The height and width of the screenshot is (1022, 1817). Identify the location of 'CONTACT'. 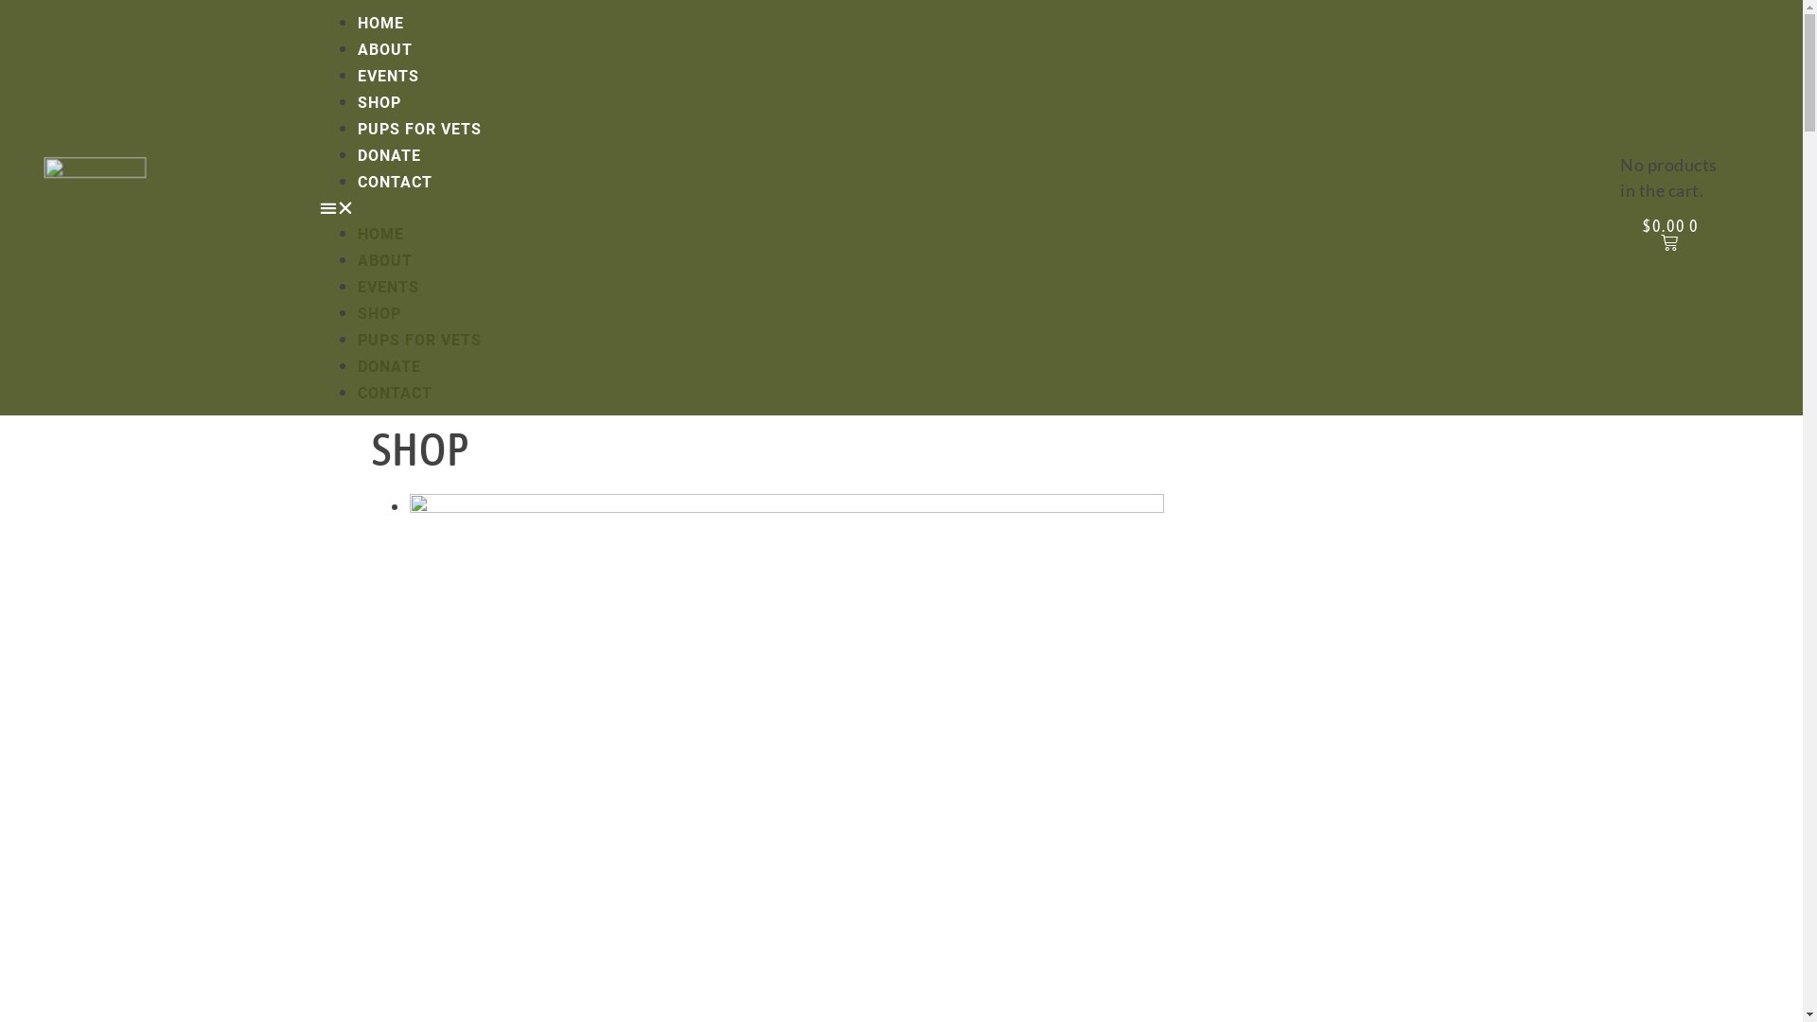
(394, 182).